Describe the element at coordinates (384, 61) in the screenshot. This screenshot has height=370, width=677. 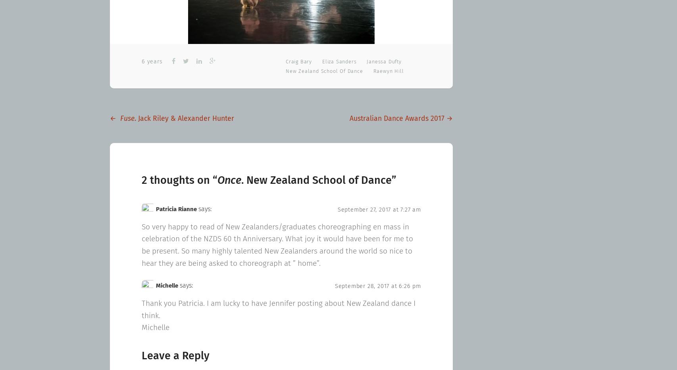
I see `'Janessa Dufty'` at that location.